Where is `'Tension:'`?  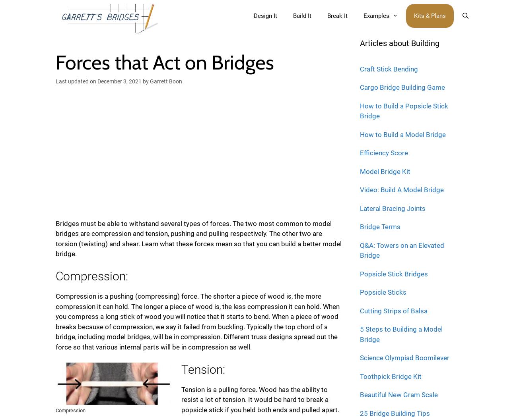 'Tension:' is located at coordinates (202, 369).